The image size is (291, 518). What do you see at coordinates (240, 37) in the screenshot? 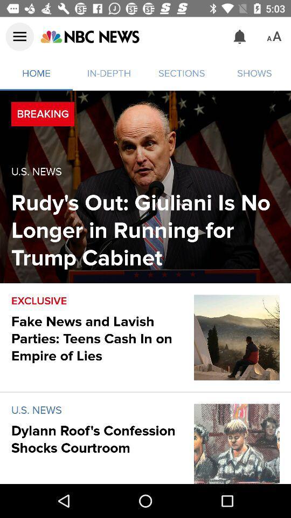
I see `icon above the shows item` at bounding box center [240, 37].